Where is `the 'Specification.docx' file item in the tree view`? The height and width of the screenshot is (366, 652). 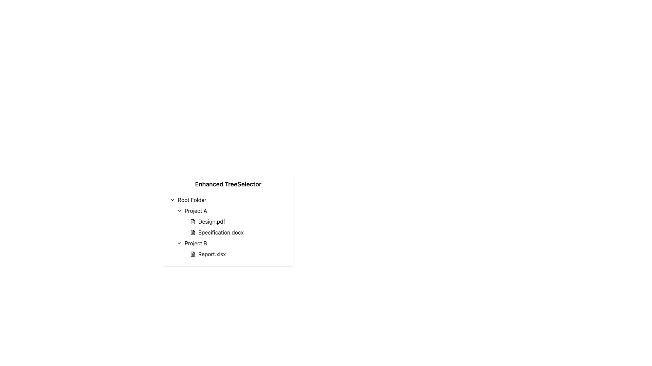
the 'Specification.docx' file item in the tree view is located at coordinates (238, 232).